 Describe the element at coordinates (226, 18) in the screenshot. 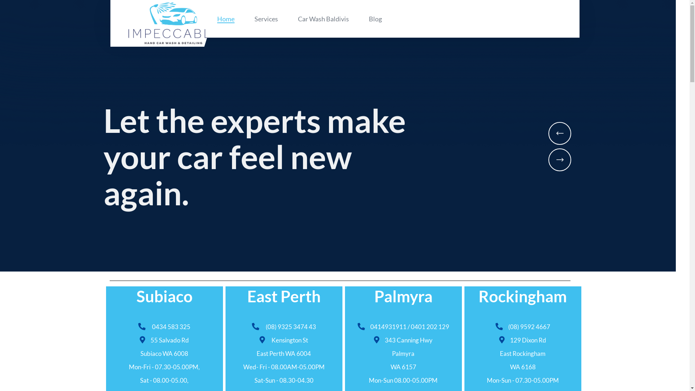

I see `'Home'` at that location.